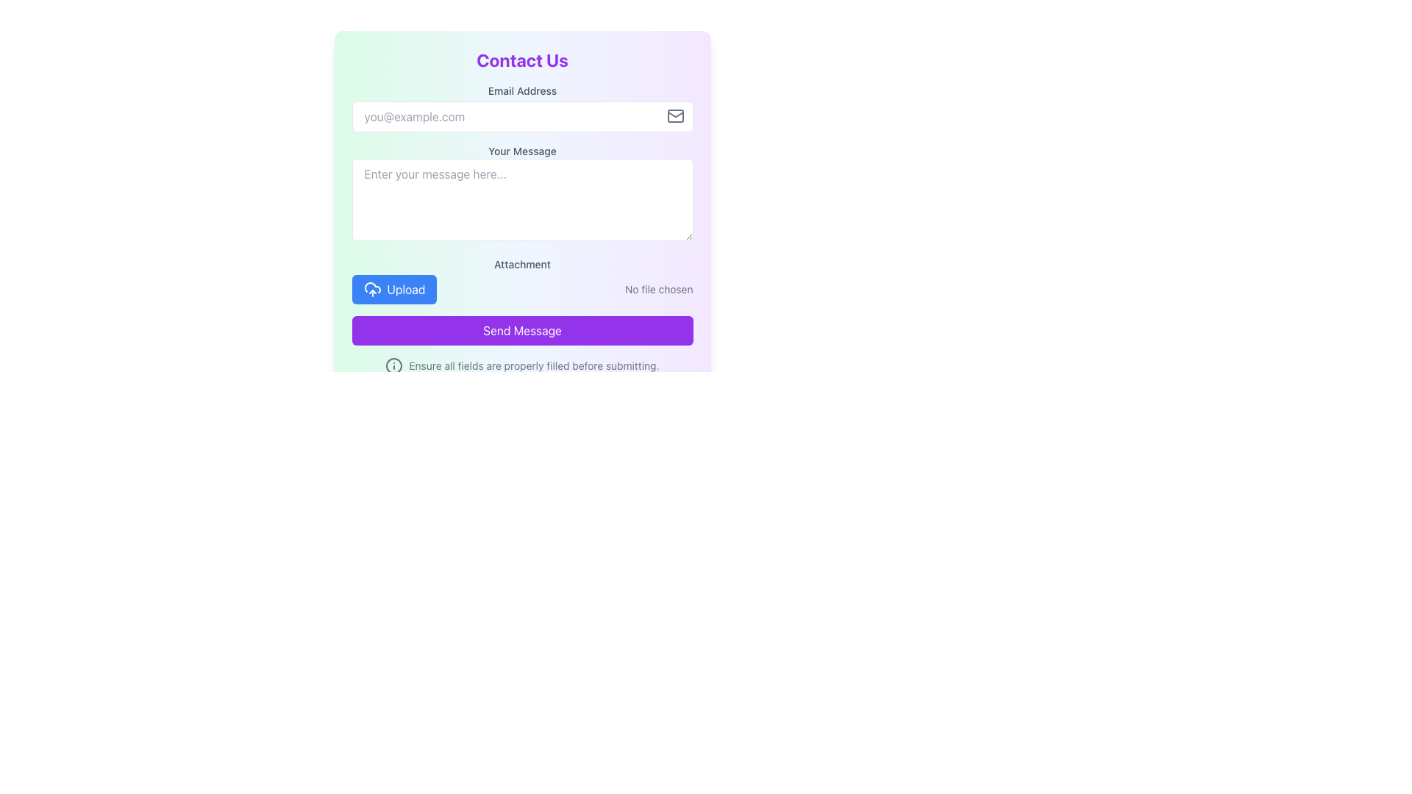  Describe the element at coordinates (674, 115) in the screenshot. I see `the mail envelope icon located at the top-right corner of the 'Email Address' input field to indicate its purpose` at that location.